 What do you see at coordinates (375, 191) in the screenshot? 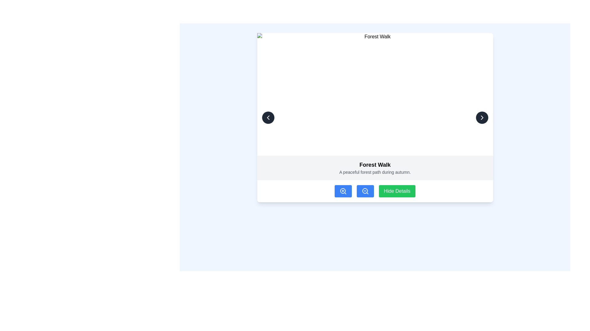
I see `the 'Hide Details' button located in the lower section of the interface, to the right of two blue buttons with zoom icons` at bounding box center [375, 191].